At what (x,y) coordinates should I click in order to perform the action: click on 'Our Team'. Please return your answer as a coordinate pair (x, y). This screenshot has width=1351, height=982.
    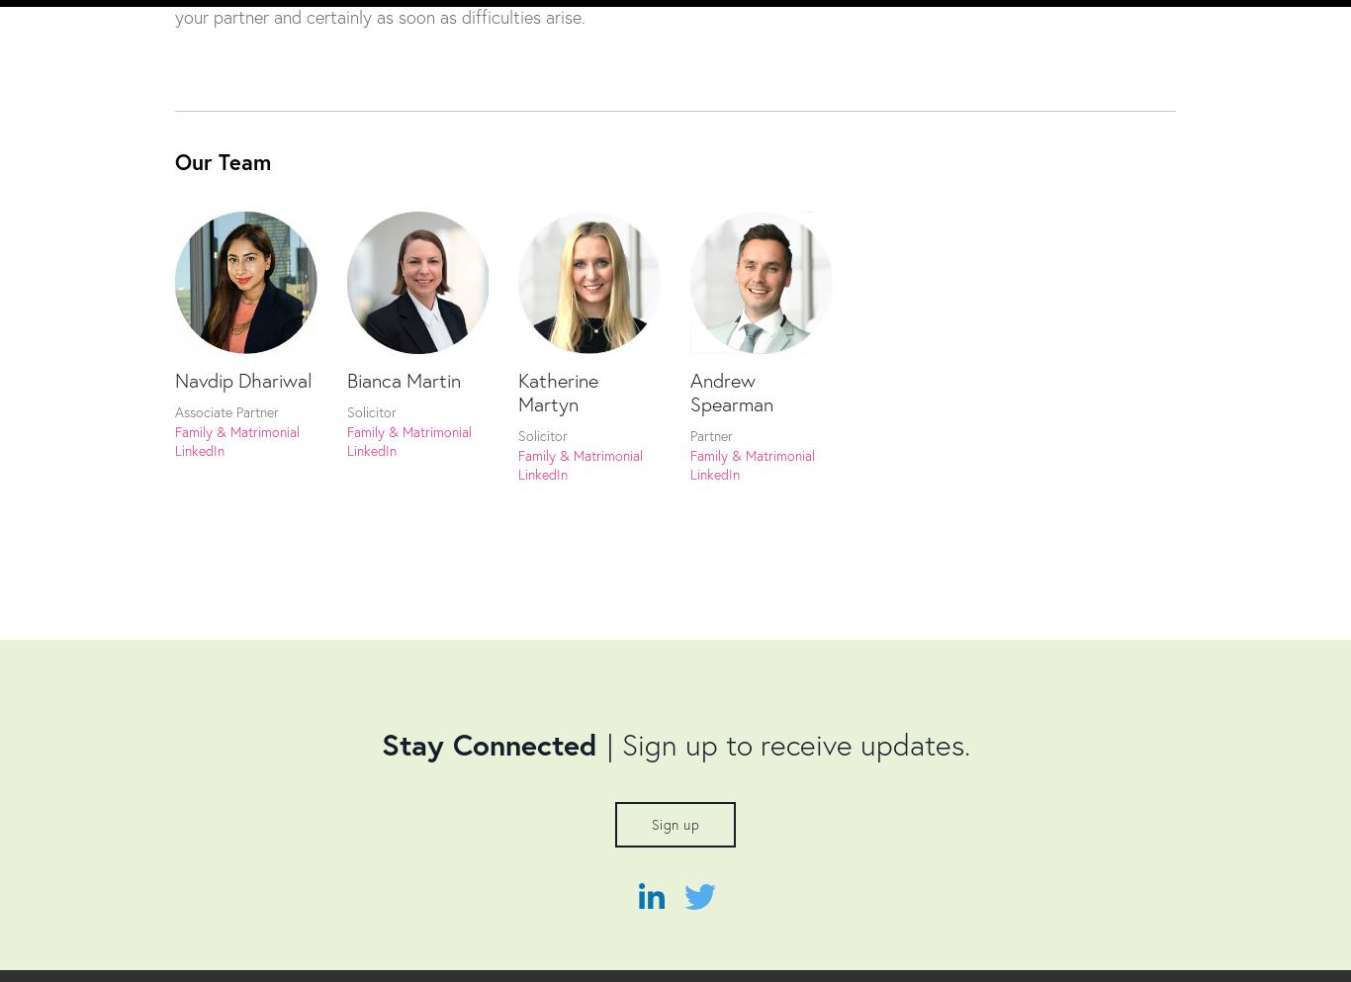
    Looking at the image, I should click on (222, 160).